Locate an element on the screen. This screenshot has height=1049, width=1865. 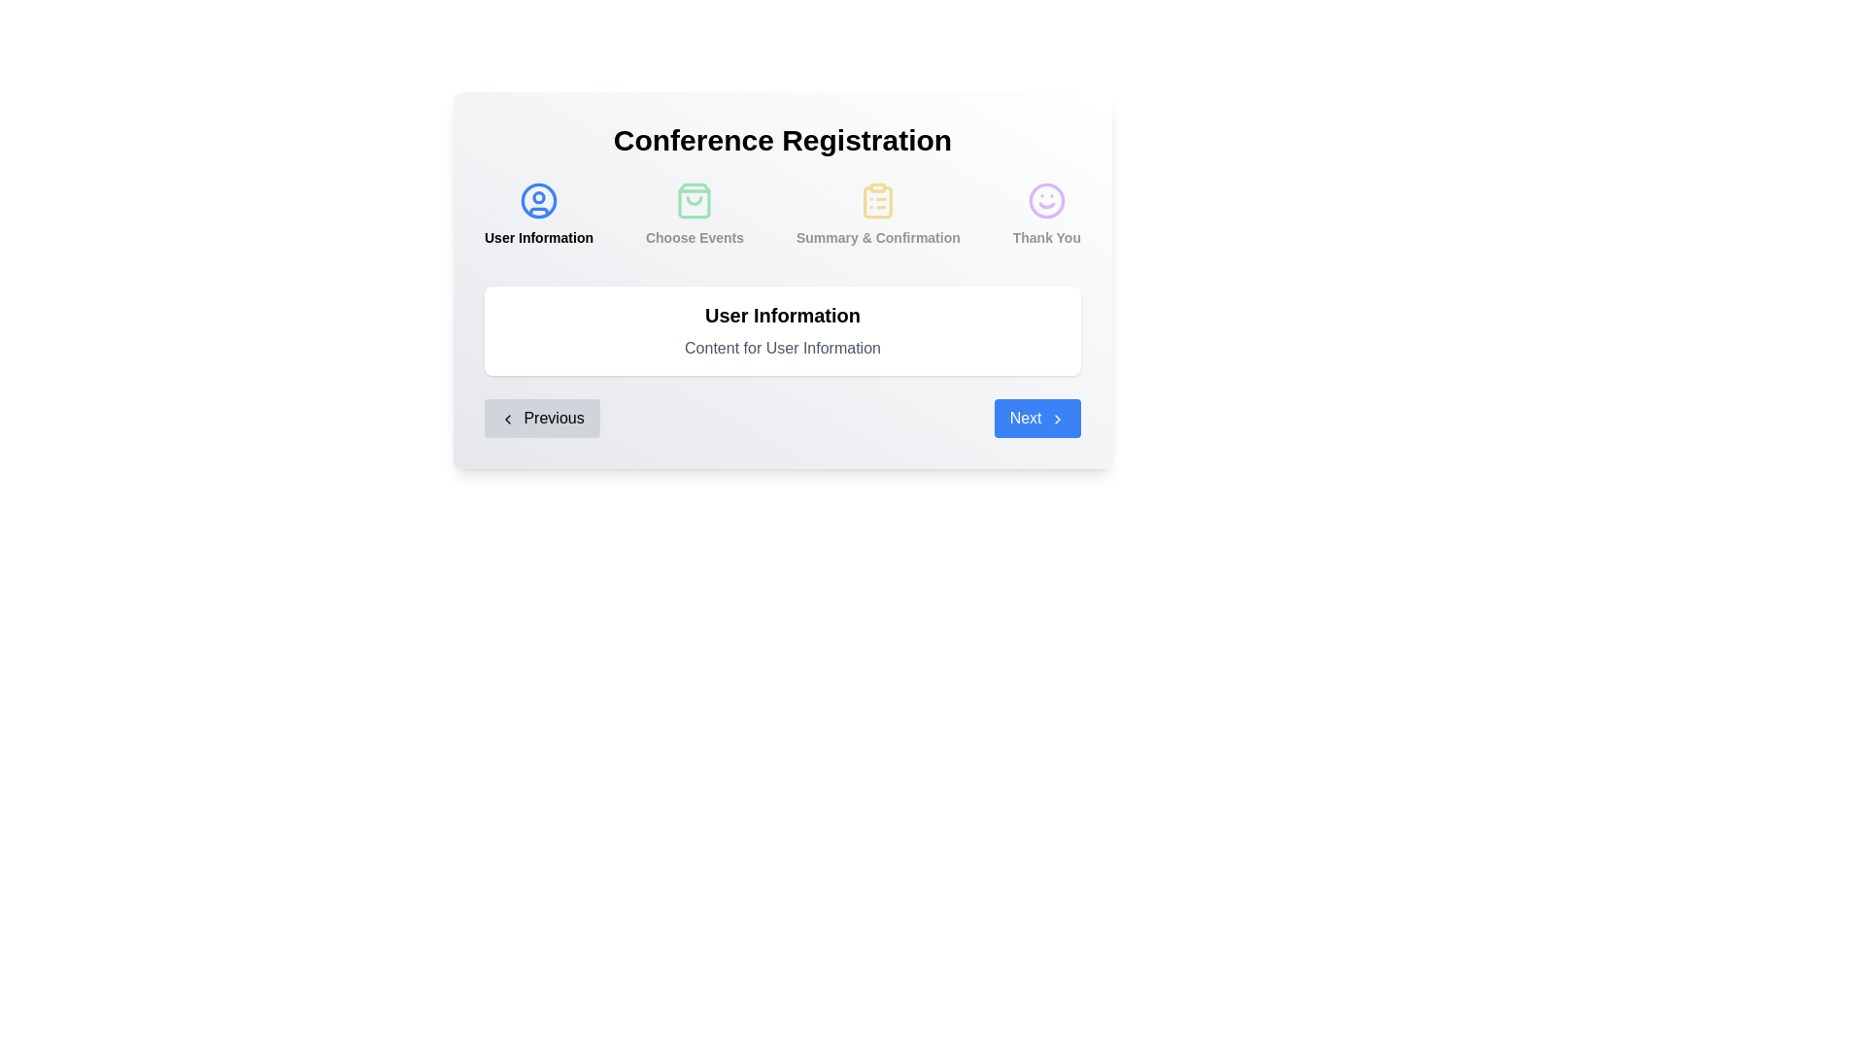
the clipboard icon in the step navigation bar, which is the third icon among four, visually styled with a bright color and outlined design is located at coordinates (877, 202).